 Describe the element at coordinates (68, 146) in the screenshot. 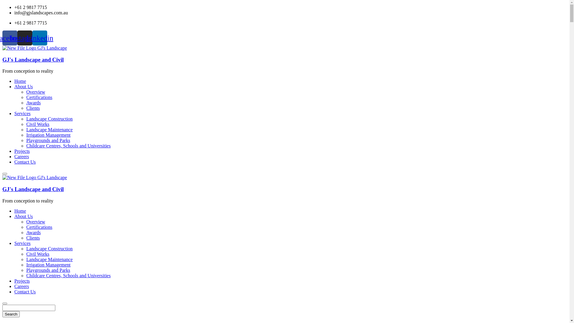

I see `'Childcare Centres, Schools and Universities'` at that location.